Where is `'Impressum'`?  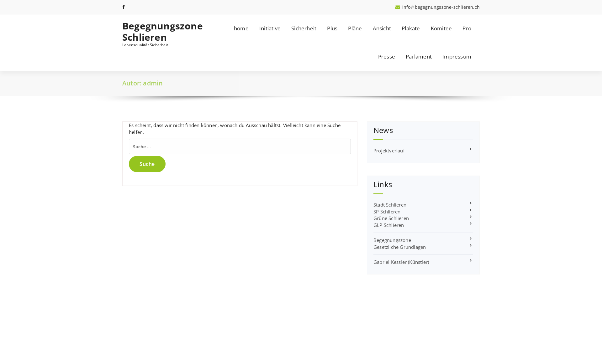 'Impressum' is located at coordinates (437, 57).